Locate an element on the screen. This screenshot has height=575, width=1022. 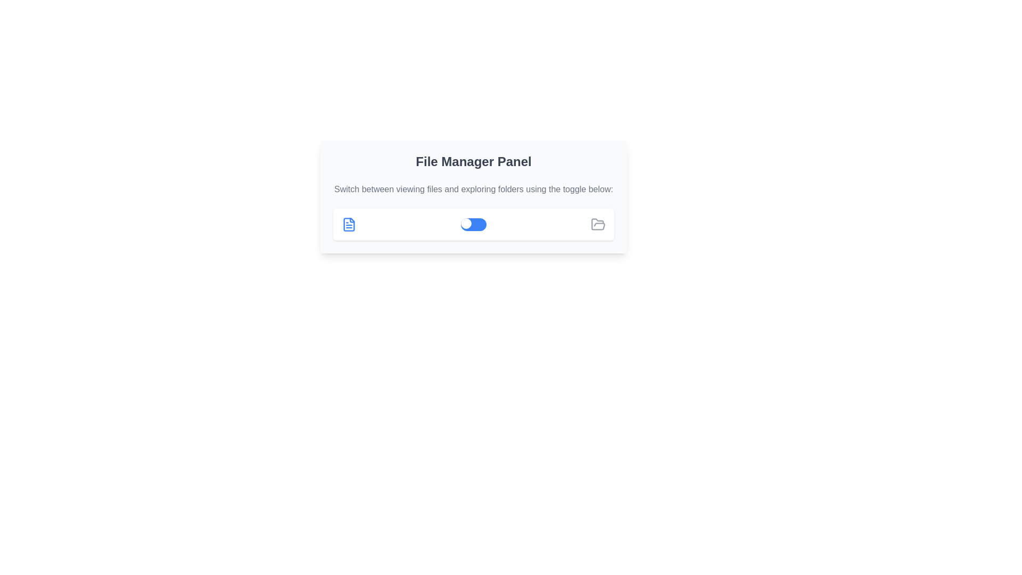
the toggle switch in the 'File Manager Panel' to change its position between viewing files and browsing folders is located at coordinates (473, 224).